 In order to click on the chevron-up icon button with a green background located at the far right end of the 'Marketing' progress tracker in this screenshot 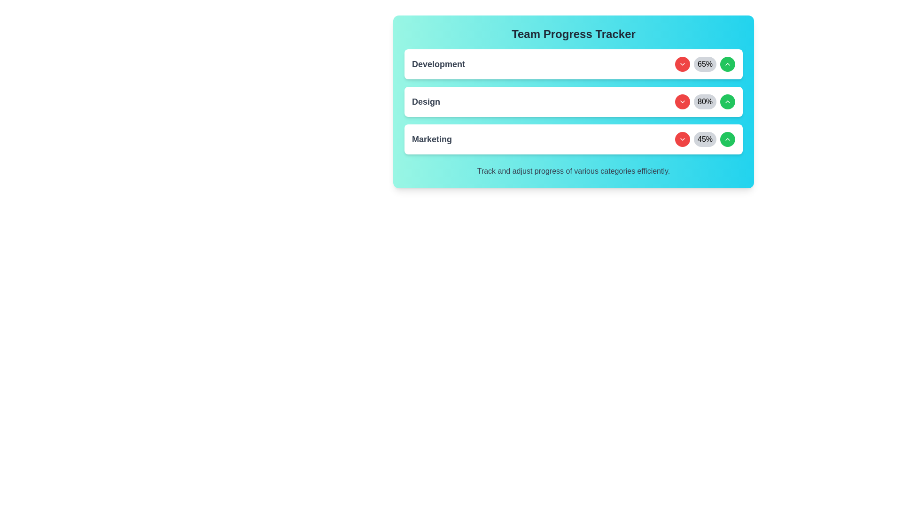, I will do `click(727, 64)`.